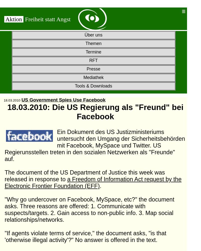 This screenshot has height=251, width=201. What do you see at coordinates (93, 69) in the screenshot?
I see `'Presse'` at bounding box center [93, 69].